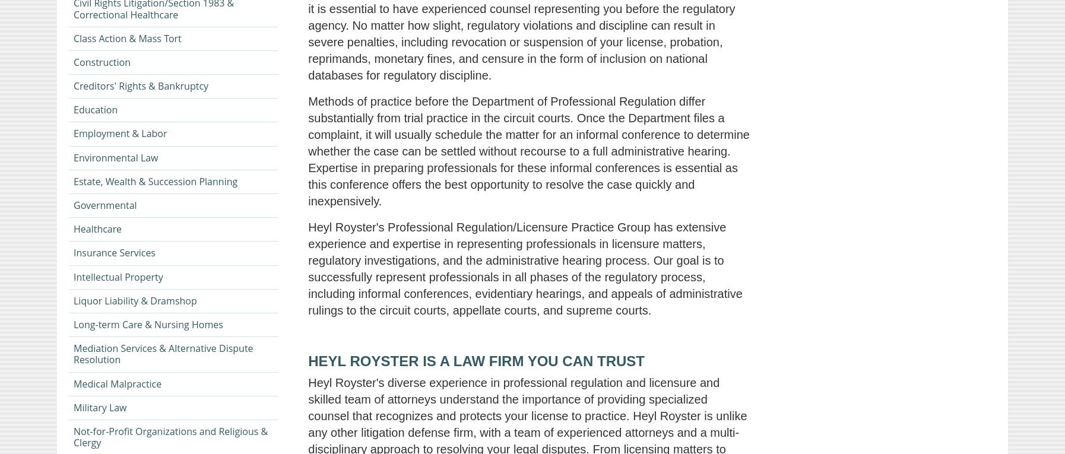 The image size is (1065, 454). I want to click on 'Creditors' Rights & Bankruptcy', so click(72, 85).